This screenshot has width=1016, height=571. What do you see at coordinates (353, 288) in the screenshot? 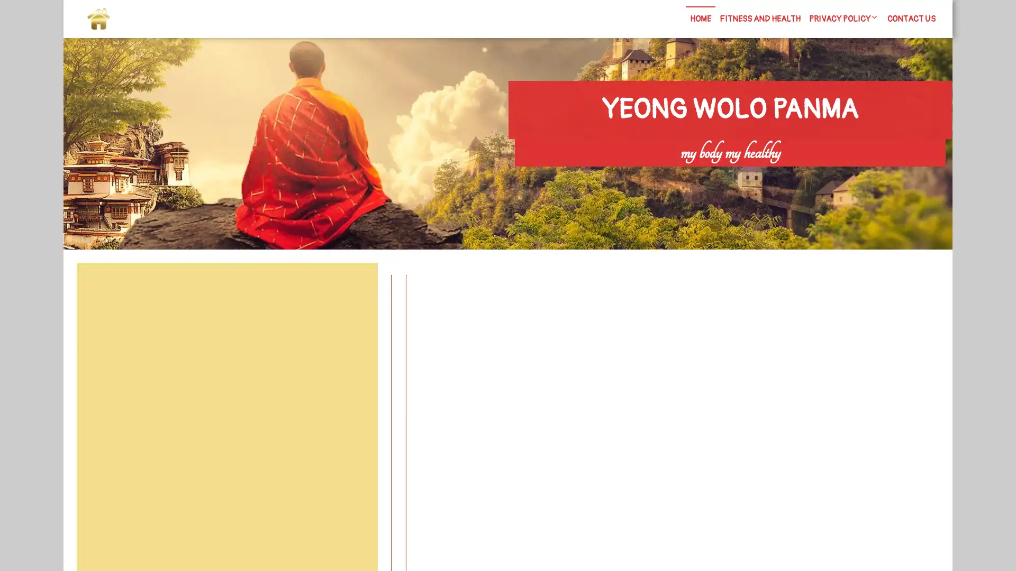
I see `Search` at bounding box center [353, 288].